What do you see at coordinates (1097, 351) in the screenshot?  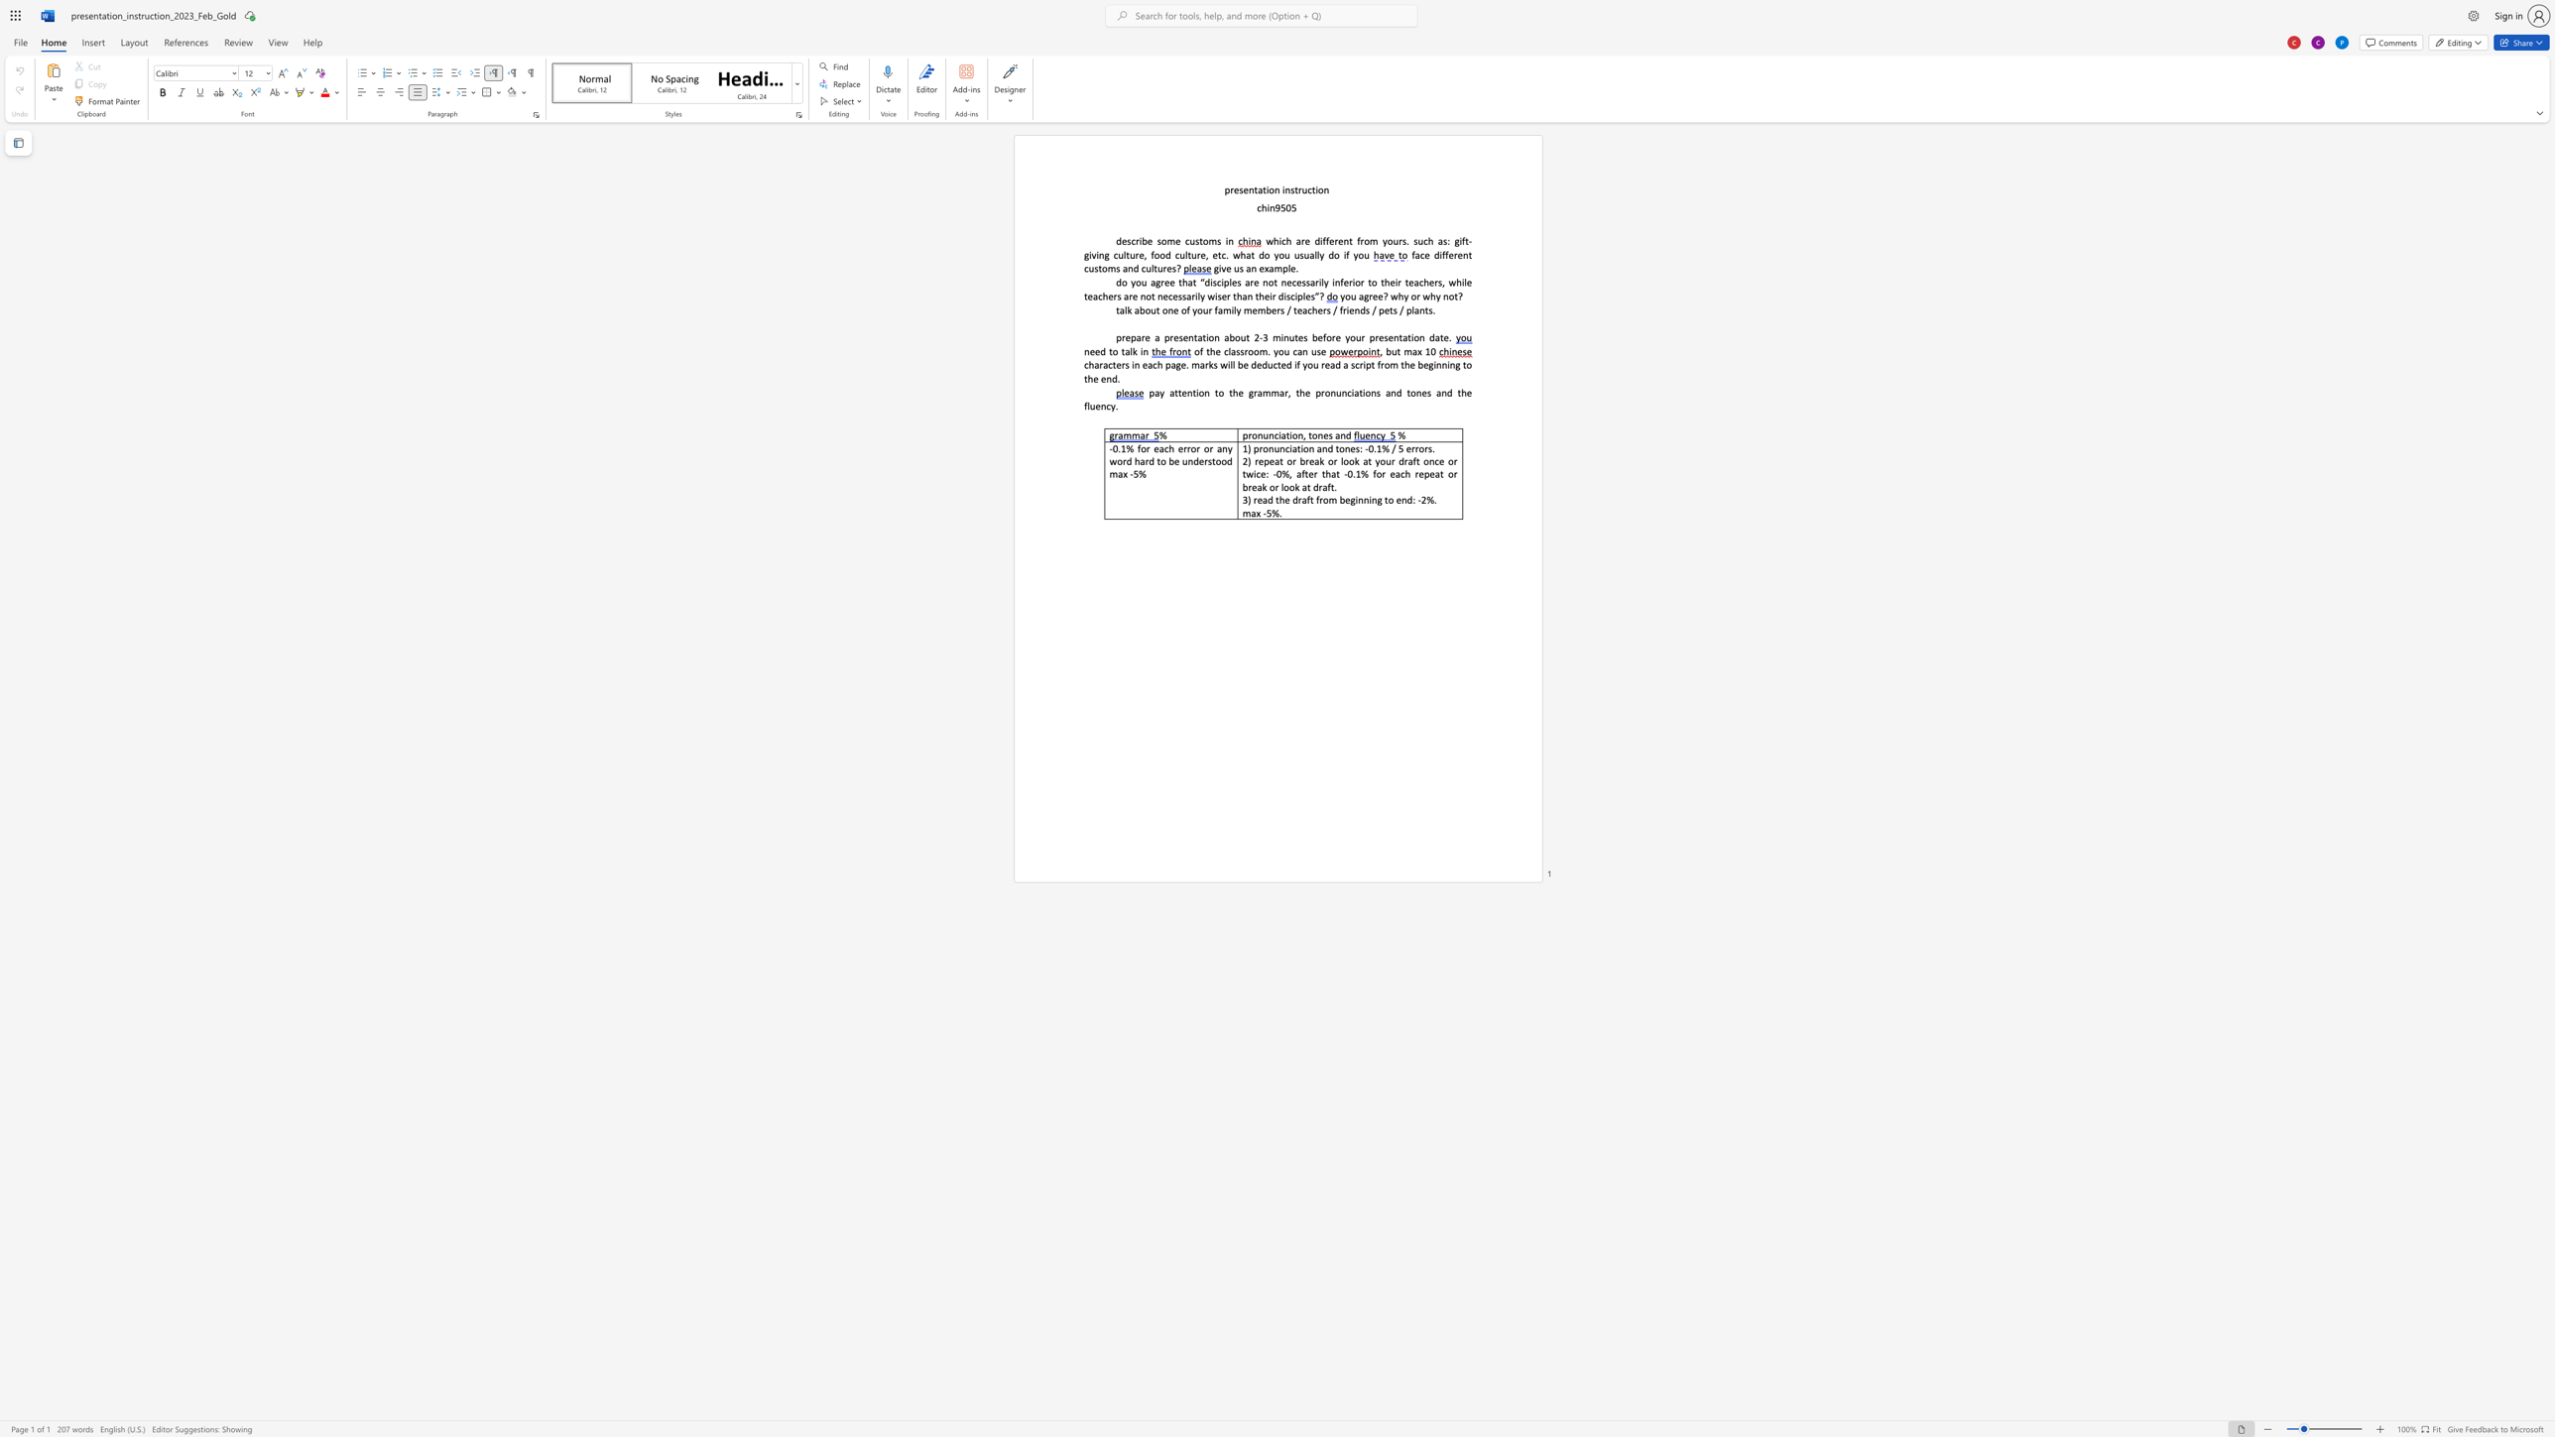 I see `the 2th character "e" in the text` at bounding box center [1097, 351].